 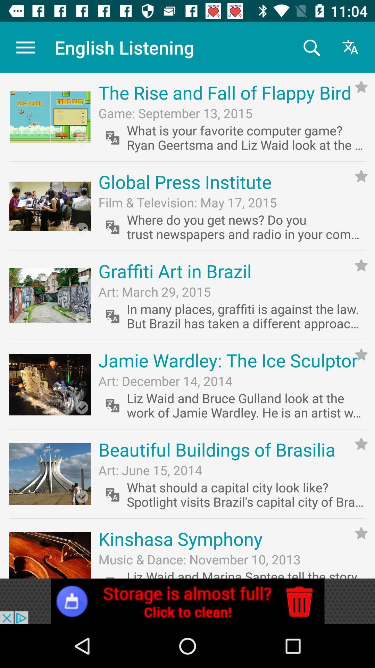 What do you see at coordinates (187, 601) in the screenshot?
I see `advertisement` at bounding box center [187, 601].